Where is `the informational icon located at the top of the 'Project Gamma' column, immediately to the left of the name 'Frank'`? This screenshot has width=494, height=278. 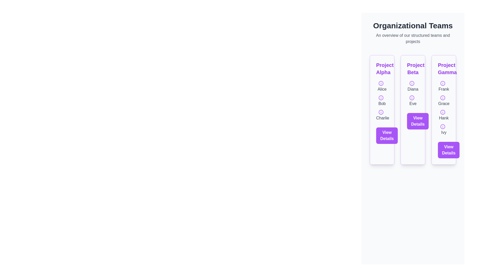
the informational icon located at the top of the 'Project Gamma' column, immediately to the left of the name 'Frank' is located at coordinates (443, 83).